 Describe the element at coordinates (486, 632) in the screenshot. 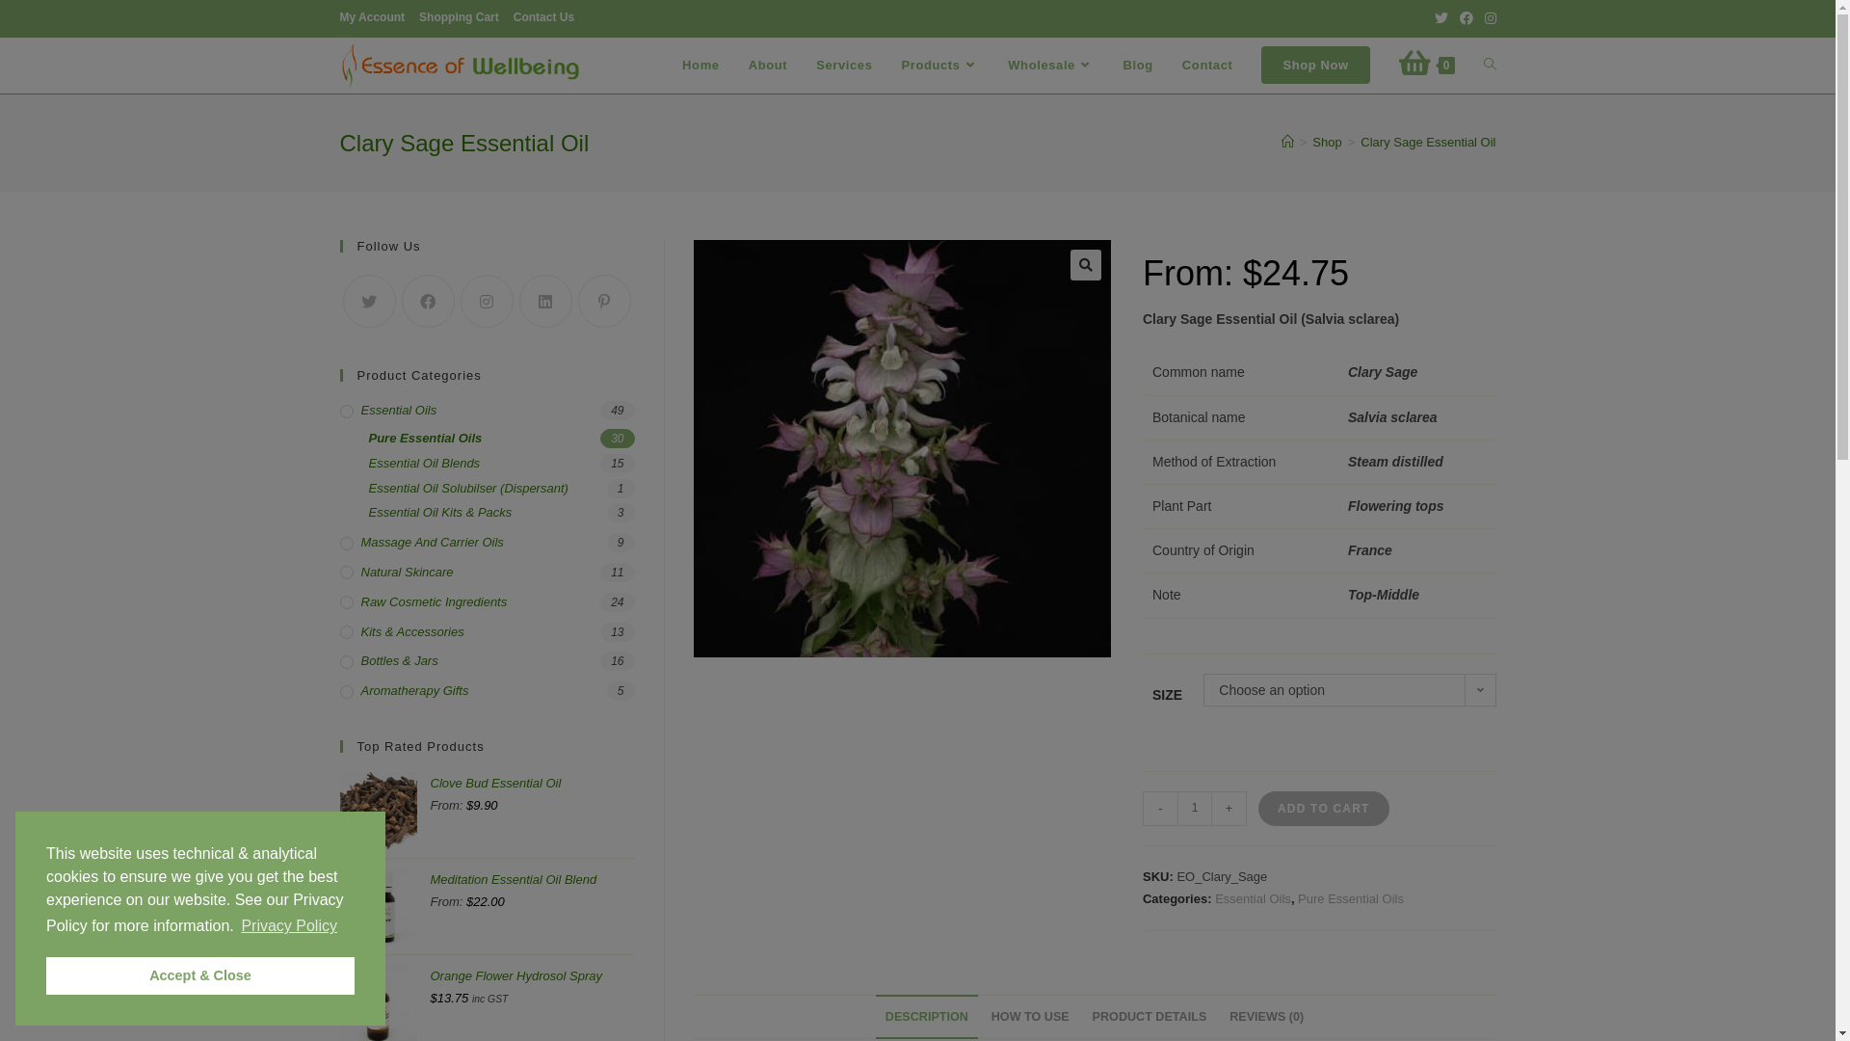

I see `'Kits & Accessories'` at that location.